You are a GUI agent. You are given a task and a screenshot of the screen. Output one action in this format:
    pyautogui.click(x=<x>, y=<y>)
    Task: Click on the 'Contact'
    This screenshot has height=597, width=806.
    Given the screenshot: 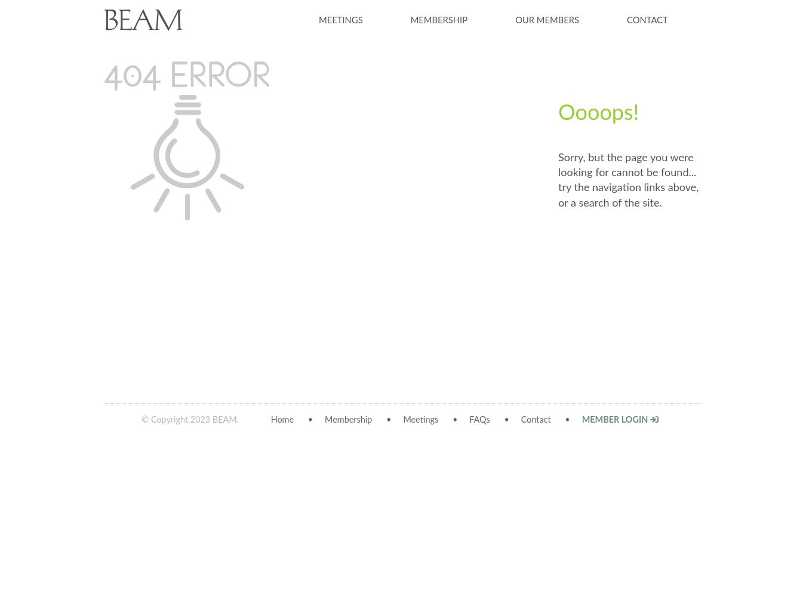 What is the action you would take?
    pyautogui.click(x=535, y=419)
    